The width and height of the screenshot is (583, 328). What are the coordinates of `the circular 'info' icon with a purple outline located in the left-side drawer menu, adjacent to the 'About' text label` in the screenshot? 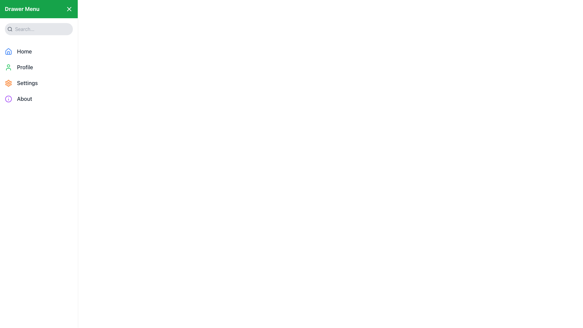 It's located at (9, 99).